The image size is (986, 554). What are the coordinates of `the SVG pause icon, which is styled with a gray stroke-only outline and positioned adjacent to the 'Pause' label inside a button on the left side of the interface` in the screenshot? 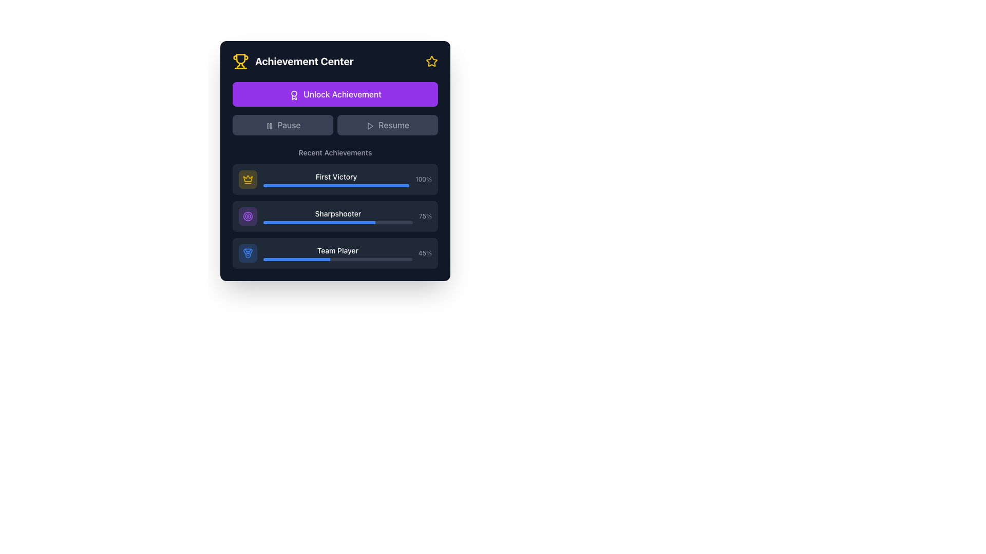 It's located at (269, 125).